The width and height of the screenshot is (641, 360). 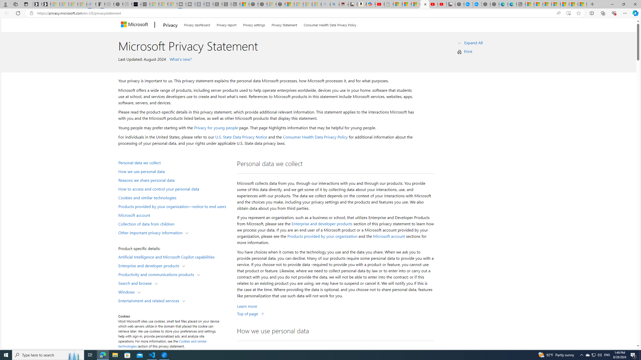 I want to click on 'U.S. State Data Privacy Notice', so click(x=241, y=137).